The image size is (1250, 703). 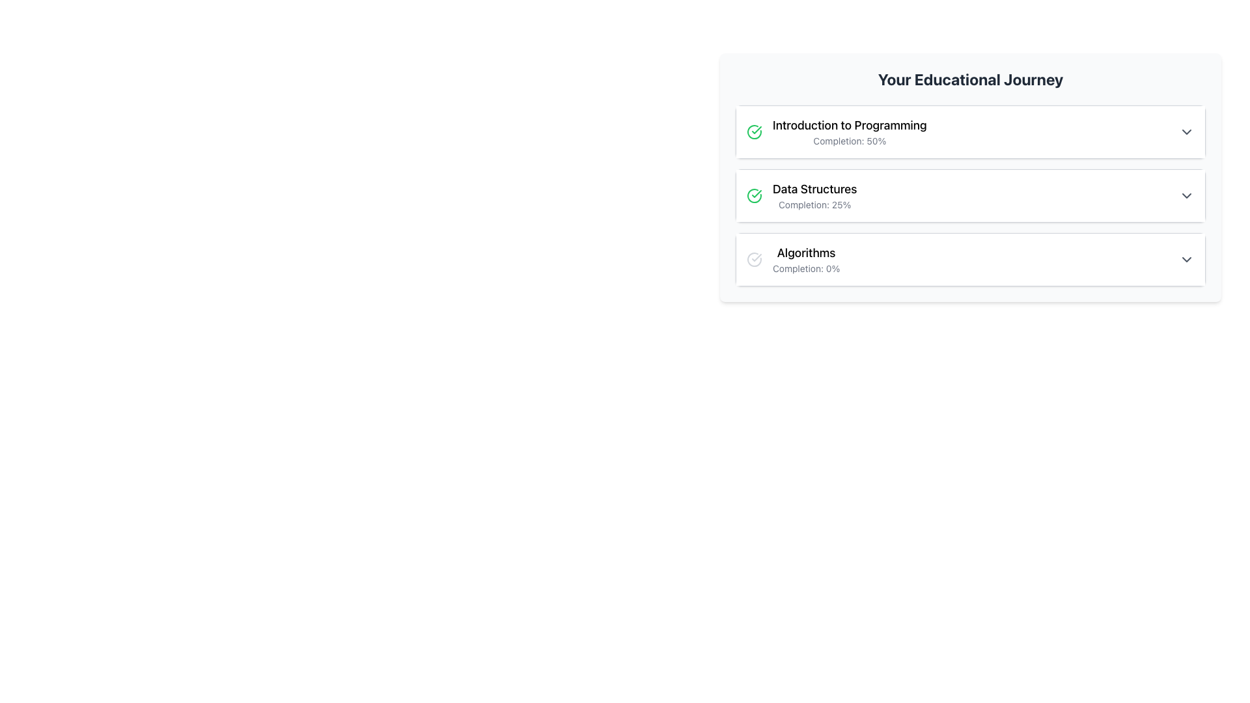 I want to click on the third collapsible card in the list that contains the summary information about 'Algorithms' and its completion status 'Completion: 0%', so click(x=971, y=259).